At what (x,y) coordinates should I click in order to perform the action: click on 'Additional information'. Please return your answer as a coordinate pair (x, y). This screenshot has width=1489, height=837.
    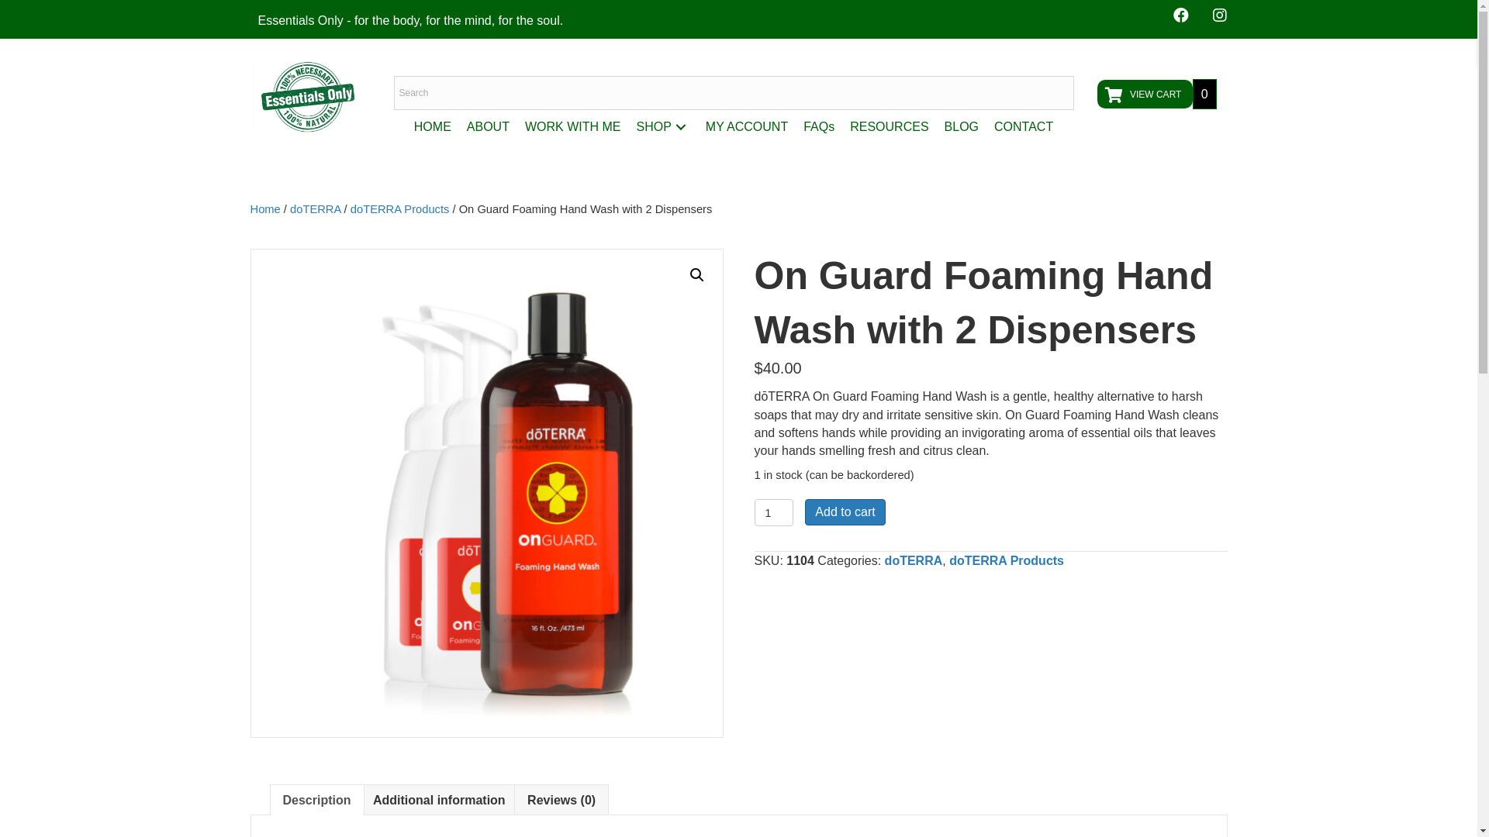
    Looking at the image, I should click on (438, 800).